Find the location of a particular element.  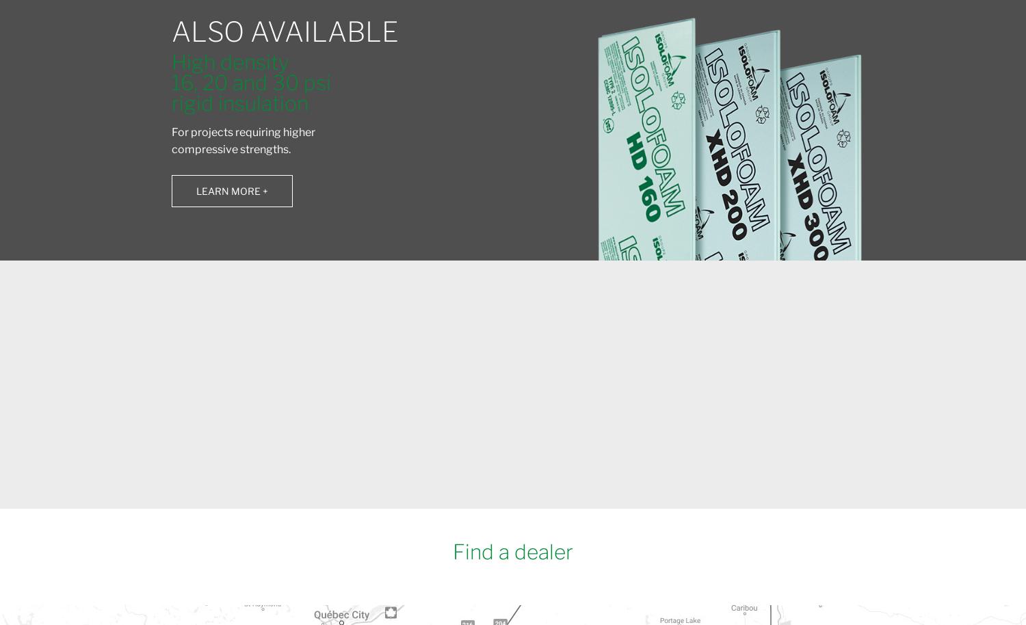

'High density' is located at coordinates (228, 62).